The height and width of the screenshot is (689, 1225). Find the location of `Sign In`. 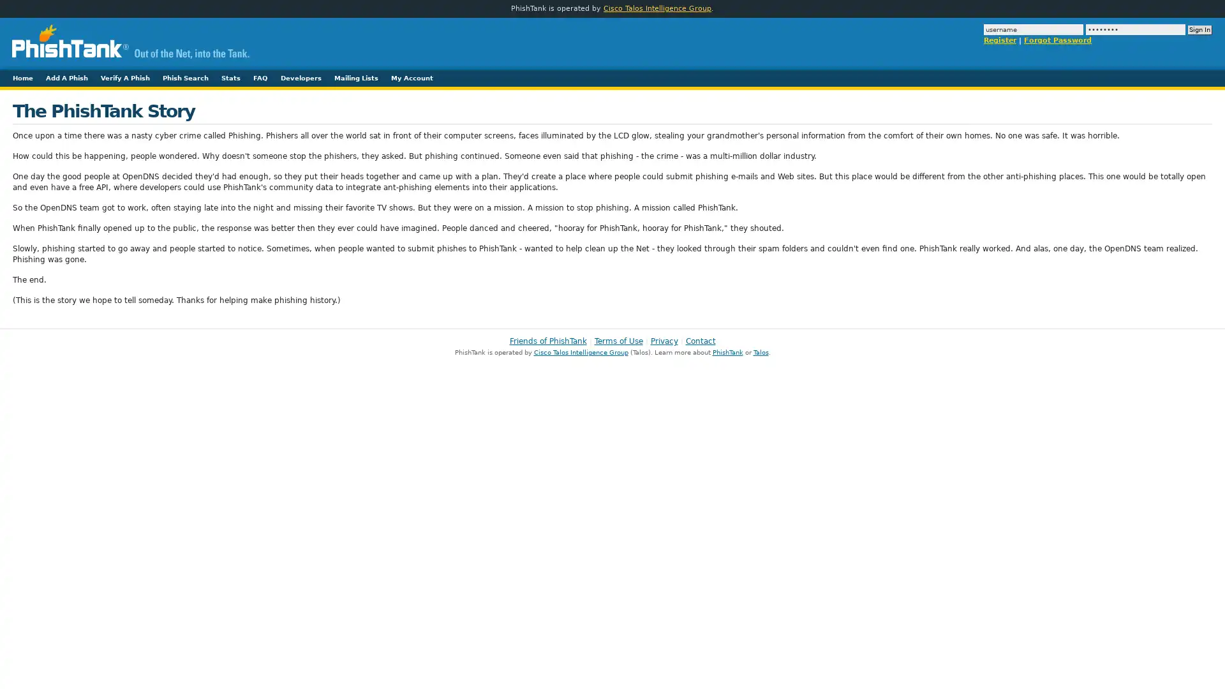

Sign In is located at coordinates (1199, 29).